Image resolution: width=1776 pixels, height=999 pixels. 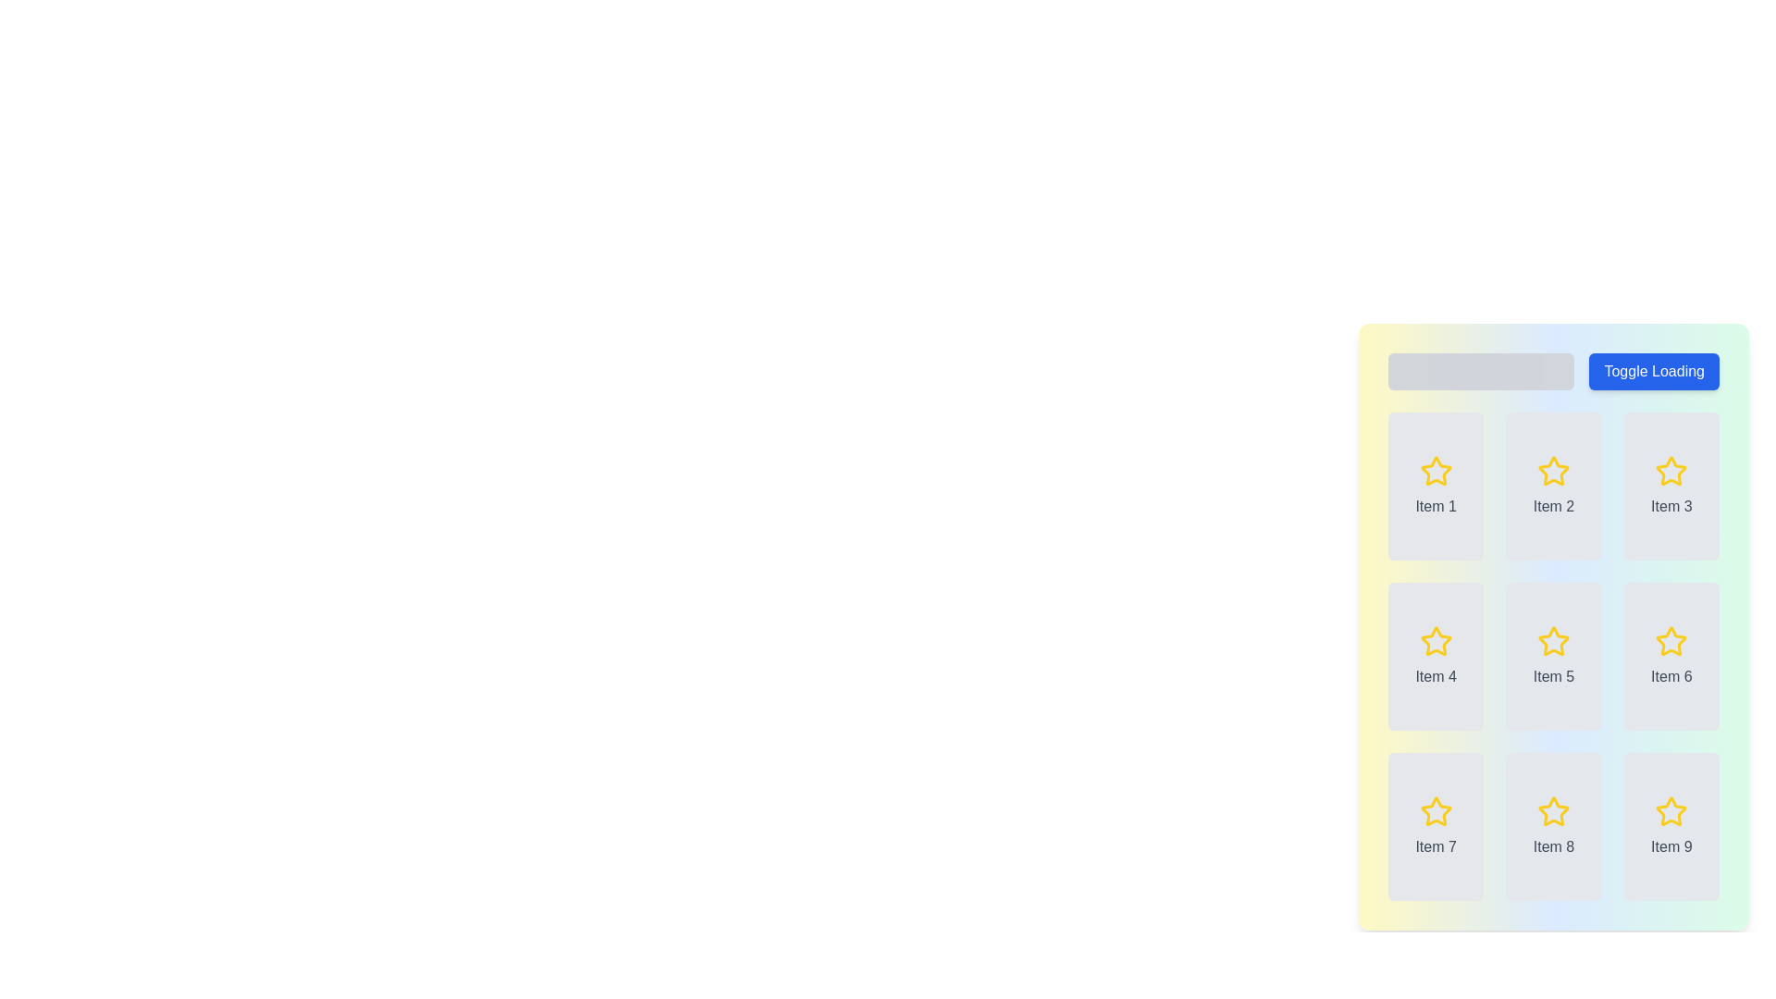 I want to click on the second star icon in the rating system, so click(x=1554, y=470).